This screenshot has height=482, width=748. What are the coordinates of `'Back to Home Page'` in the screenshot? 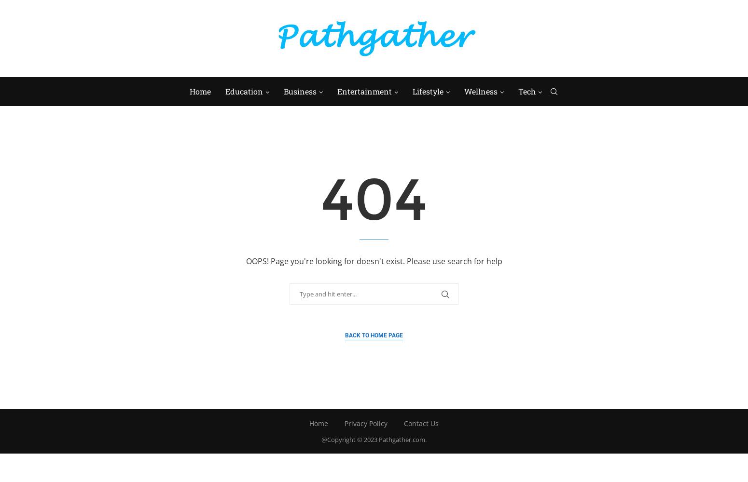 It's located at (374, 335).